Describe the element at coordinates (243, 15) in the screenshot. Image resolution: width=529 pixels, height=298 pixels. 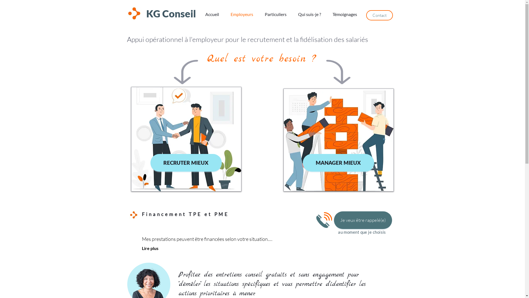
I see `'Employeurs'` at that location.